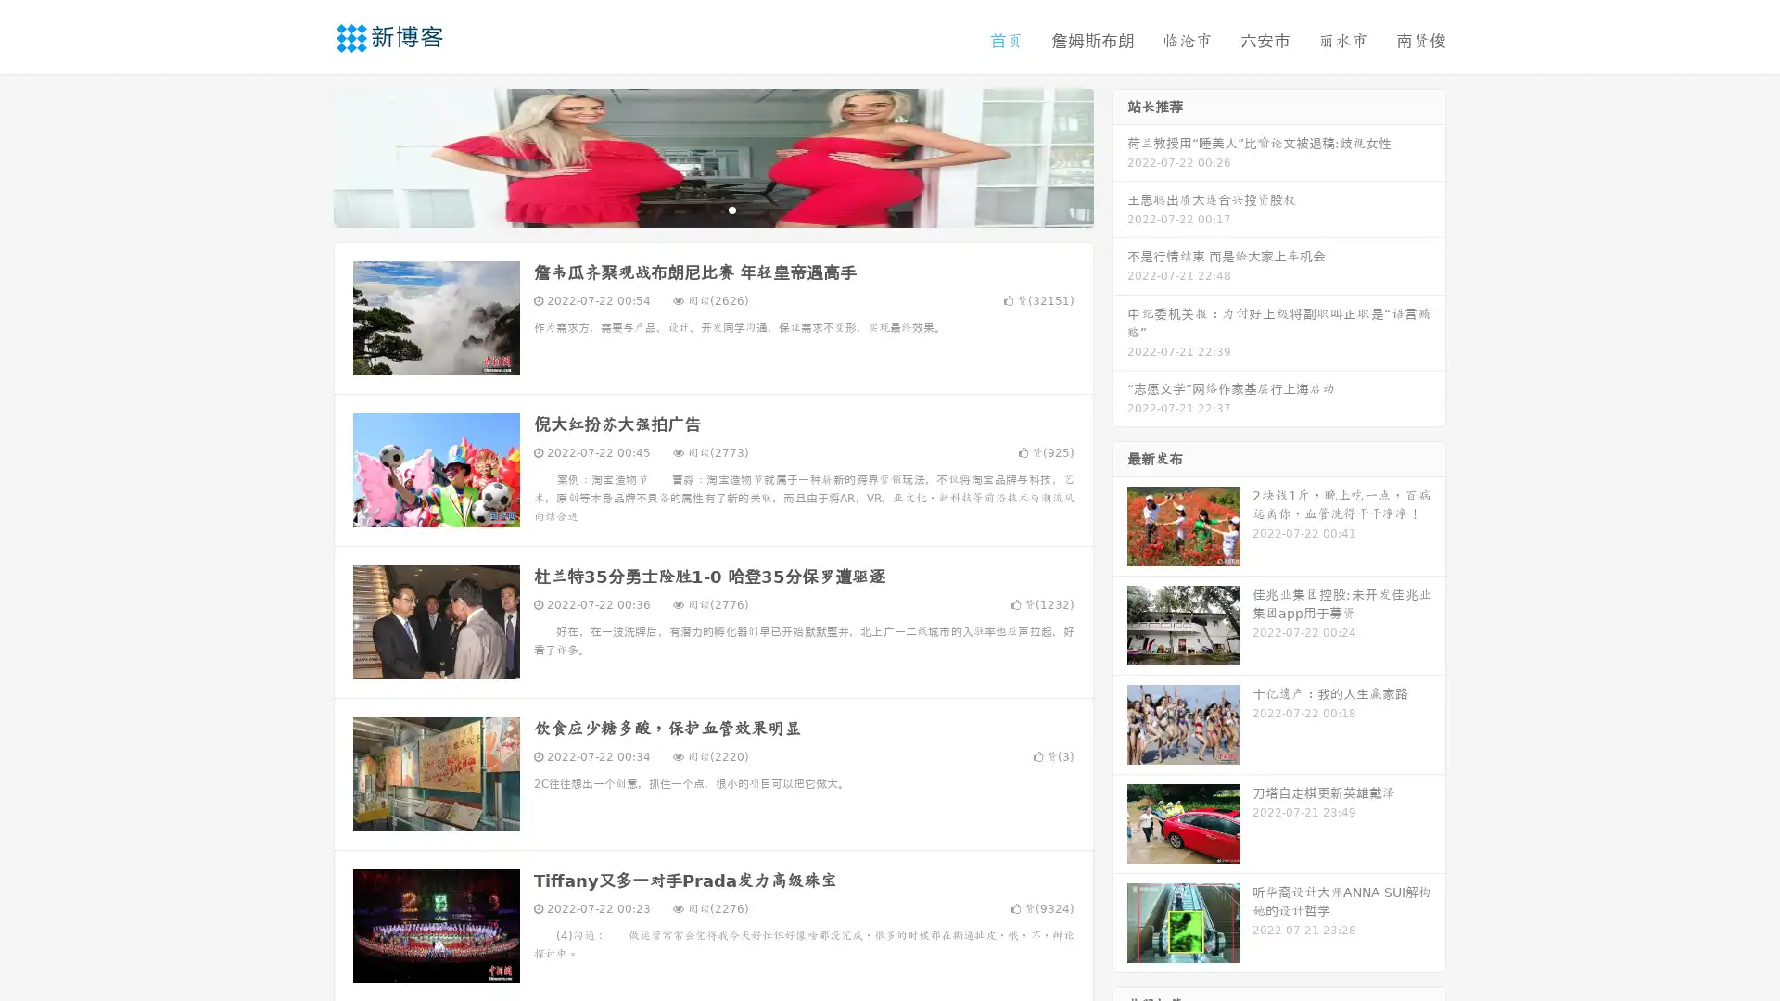 The image size is (1780, 1001). Describe the element at coordinates (712, 209) in the screenshot. I see `Go to slide 2` at that location.